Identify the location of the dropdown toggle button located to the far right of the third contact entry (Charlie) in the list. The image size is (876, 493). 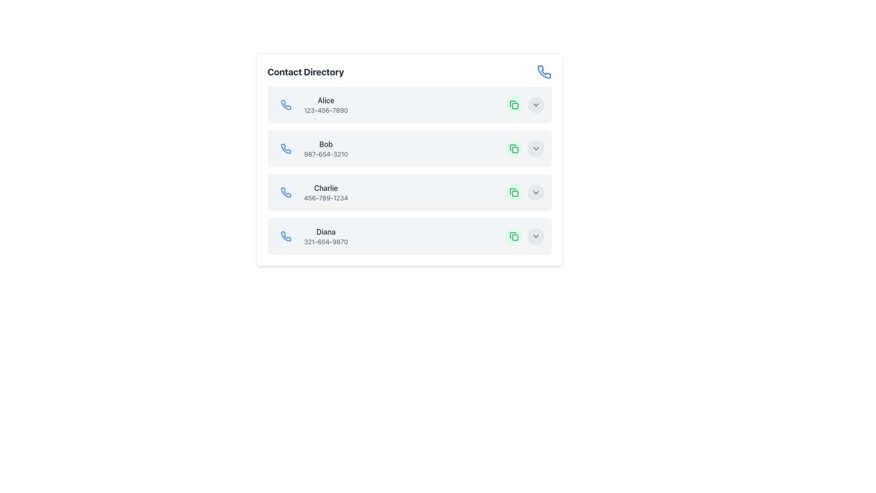
(536, 192).